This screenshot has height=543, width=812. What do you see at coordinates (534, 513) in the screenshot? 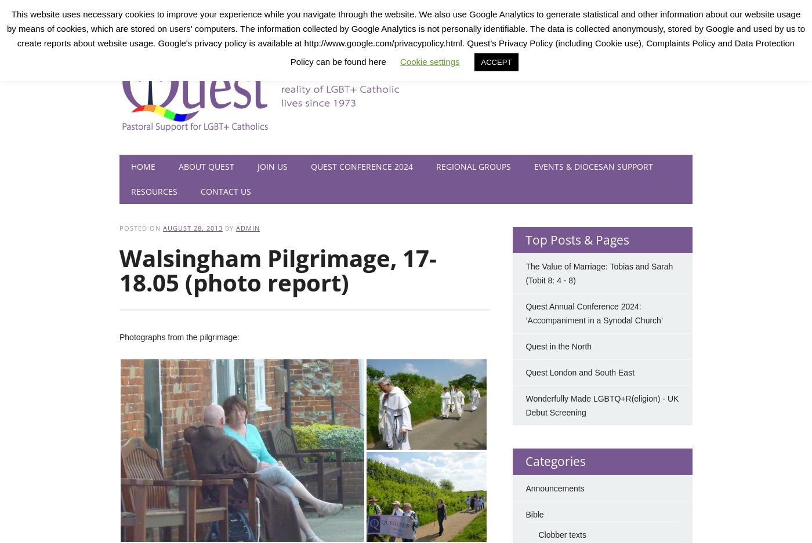
I see `'Bible'` at bounding box center [534, 513].